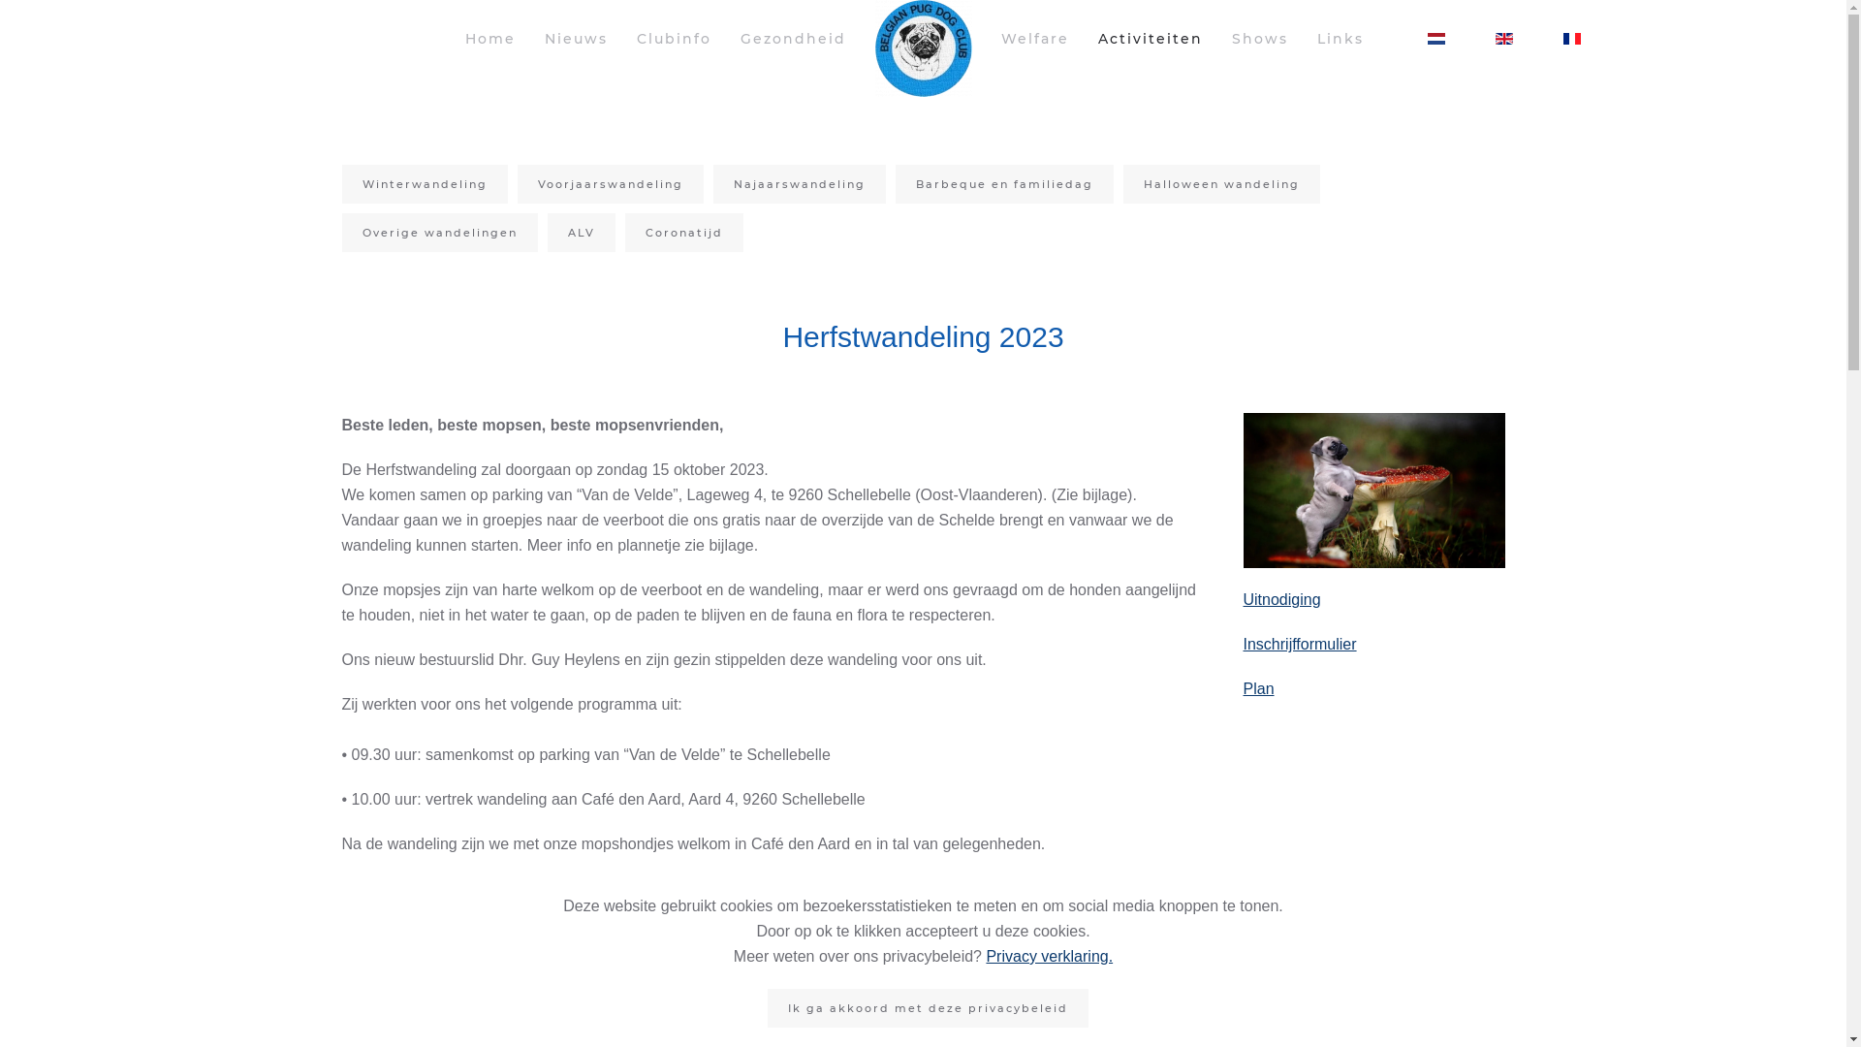 The width and height of the screenshot is (1861, 1047). I want to click on 'Home', so click(489, 38).